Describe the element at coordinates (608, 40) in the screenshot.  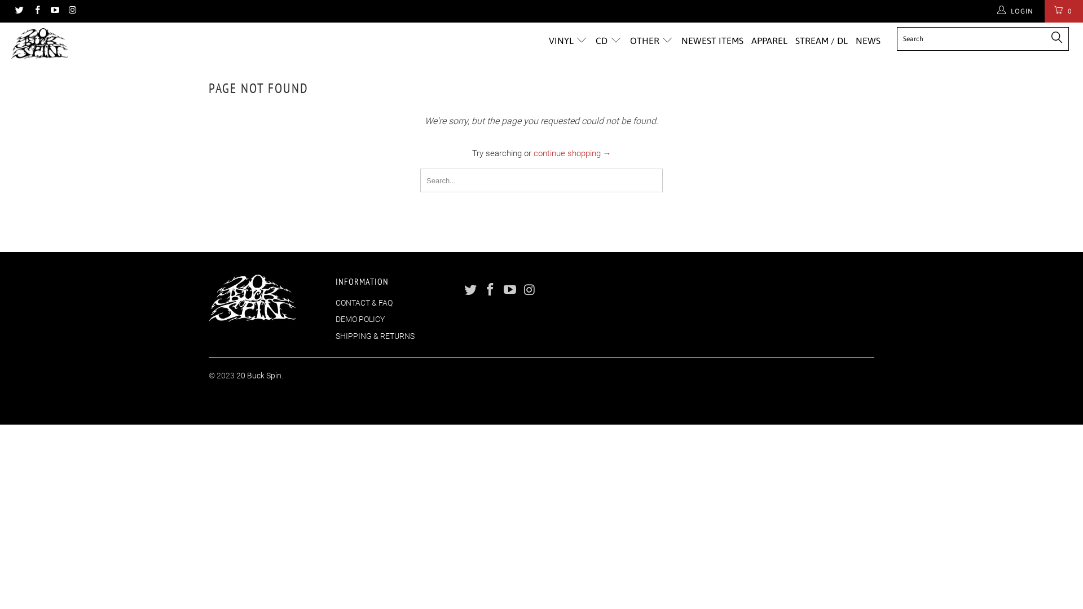
I see `'CD'` at that location.